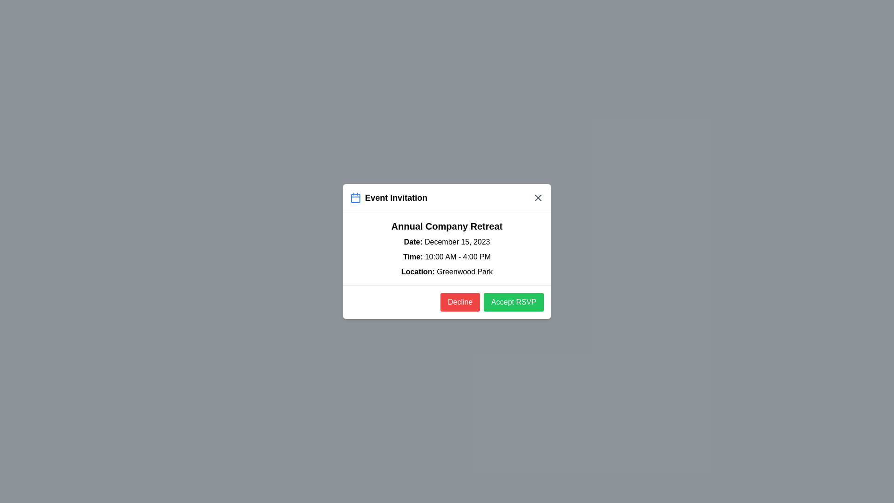  What do you see at coordinates (513, 302) in the screenshot?
I see `the button located at the bottom-right of the dialog box, next to the red 'Decline' button, to accept the RSVP` at bounding box center [513, 302].